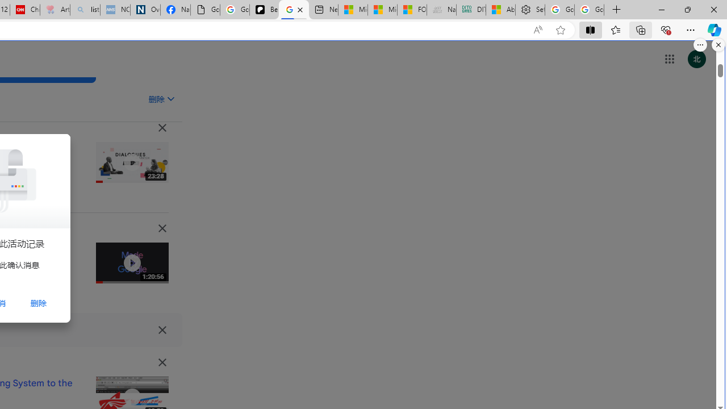 The width and height of the screenshot is (727, 409). Describe the element at coordinates (700, 44) in the screenshot. I see `'More options.'` at that location.